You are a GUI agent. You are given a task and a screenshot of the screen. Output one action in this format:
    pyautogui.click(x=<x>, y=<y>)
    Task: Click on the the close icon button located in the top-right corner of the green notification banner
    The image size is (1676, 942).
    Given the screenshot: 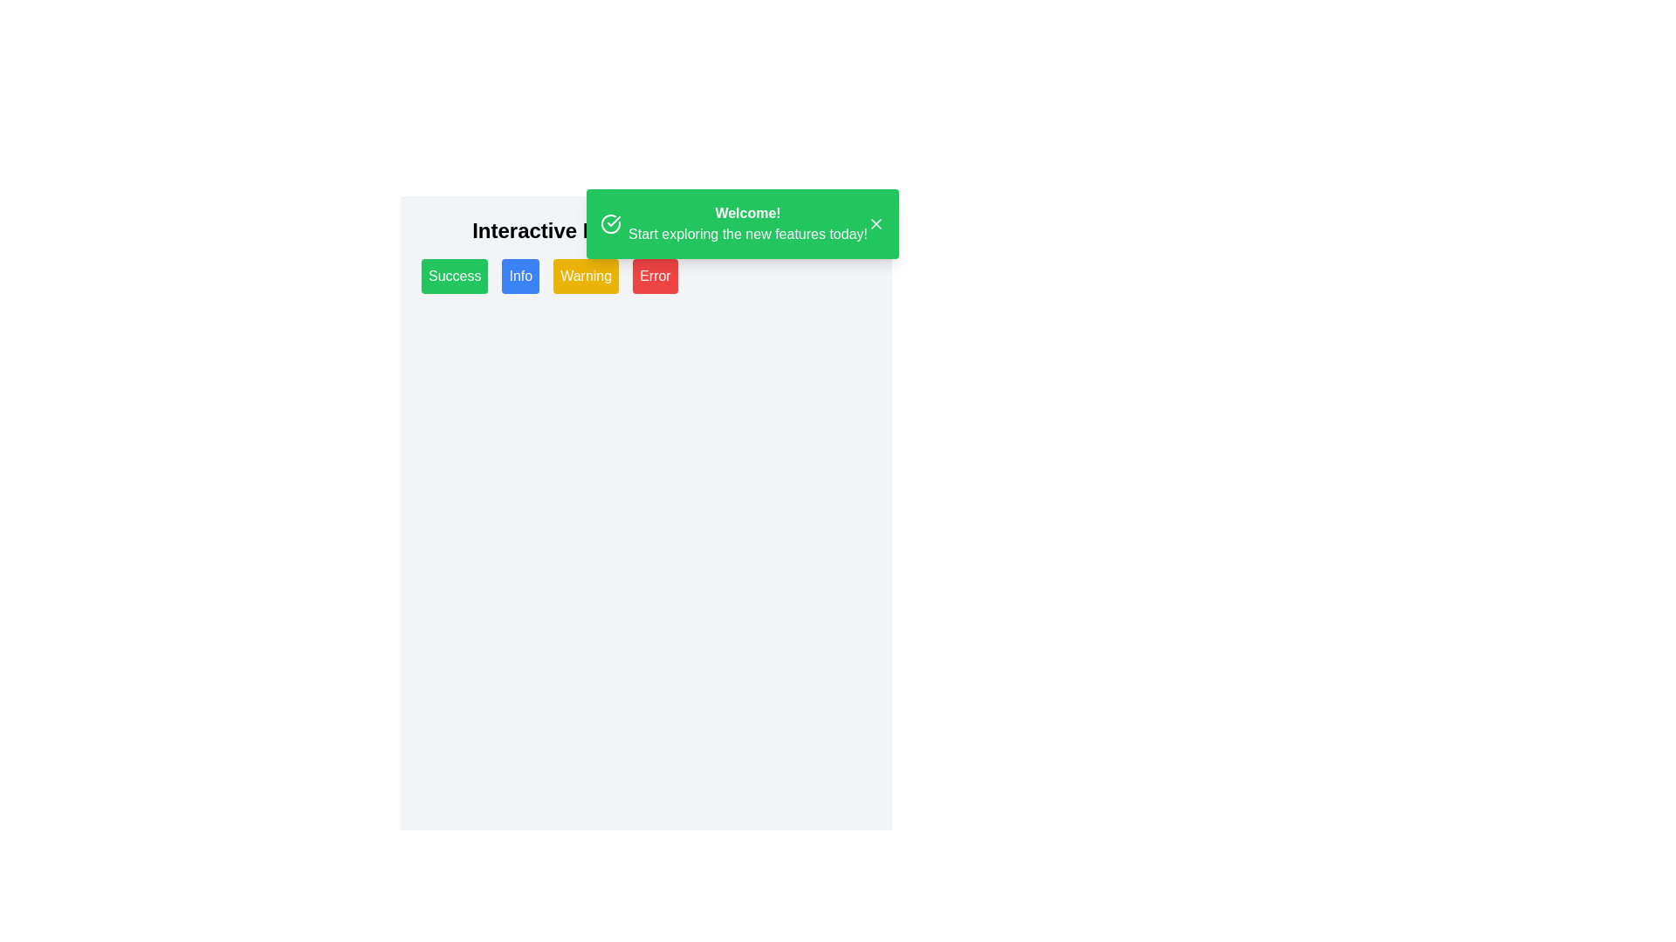 What is the action you would take?
    pyautogui.click(x=876, y=223)
    